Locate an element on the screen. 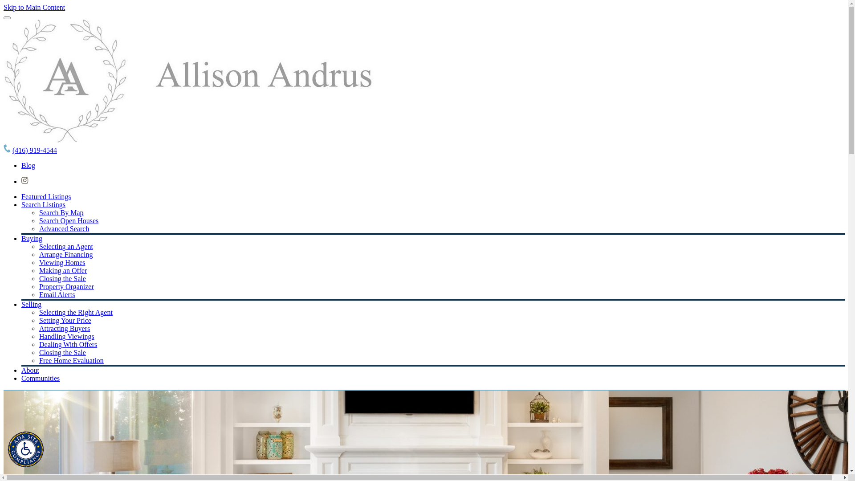 Image resolution: width=855 pixels, height=481 pixels. 'Selecting an Agent' is located at coordinates (38, 246).